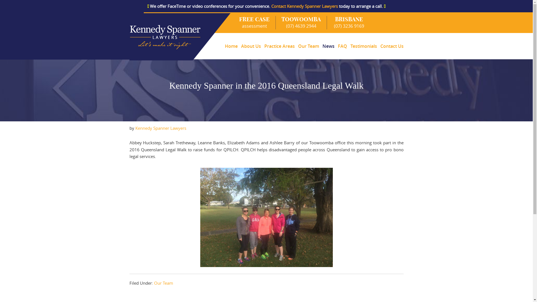 The height and width of the screenshot is (302, 537). What do you see at coordinates (180, 37) in the screenshot?
I see `'Kennedy Spanner Lawyers'` at bounding box center [180, 37].